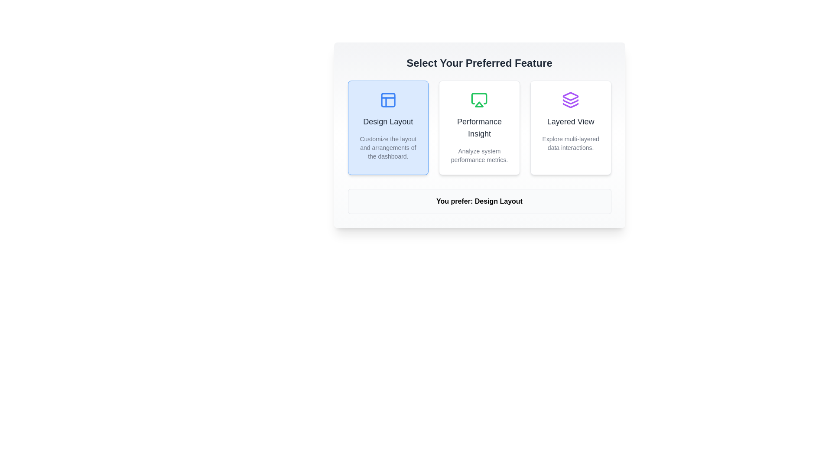  What do you see at coordinates (571, 143) in the screenshot?
I see `descriptive text label located below the main title within the 'Layered View' card to understand its meaning` at bounding box center [571, 143].